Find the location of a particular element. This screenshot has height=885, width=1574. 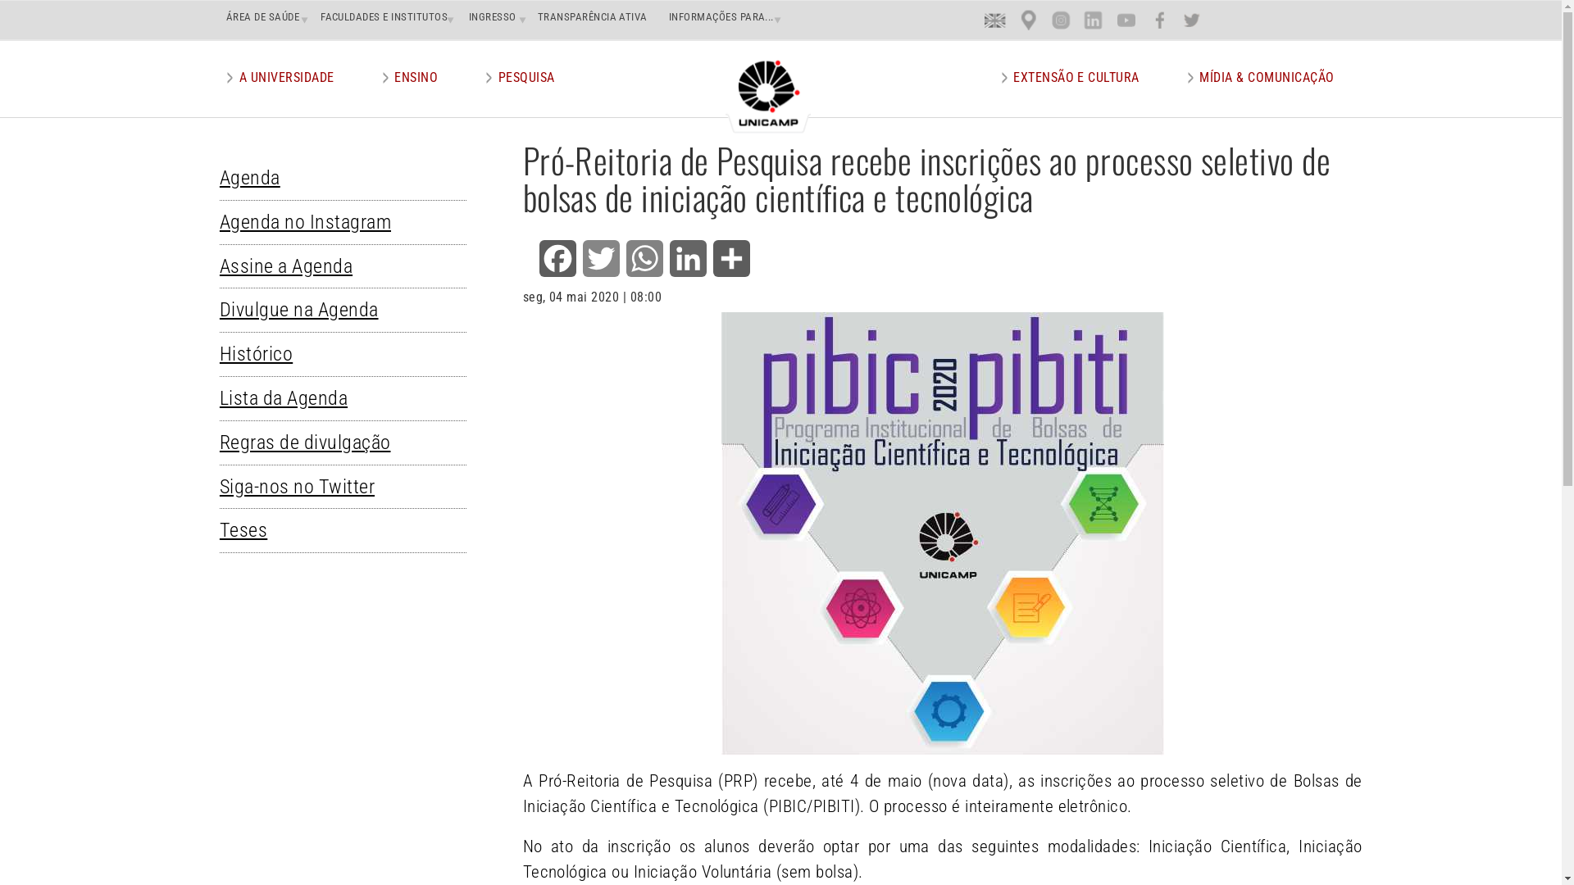

'Loca' is located at coordinates (1028, 20).